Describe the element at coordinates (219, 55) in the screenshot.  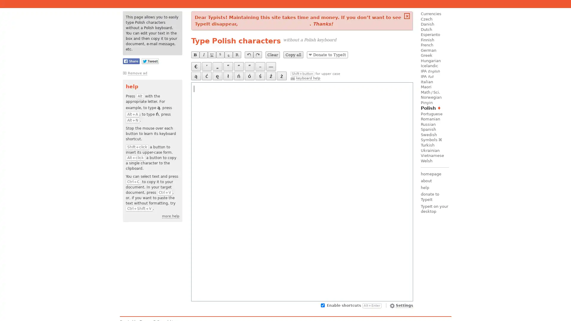
I see `S` at that location.